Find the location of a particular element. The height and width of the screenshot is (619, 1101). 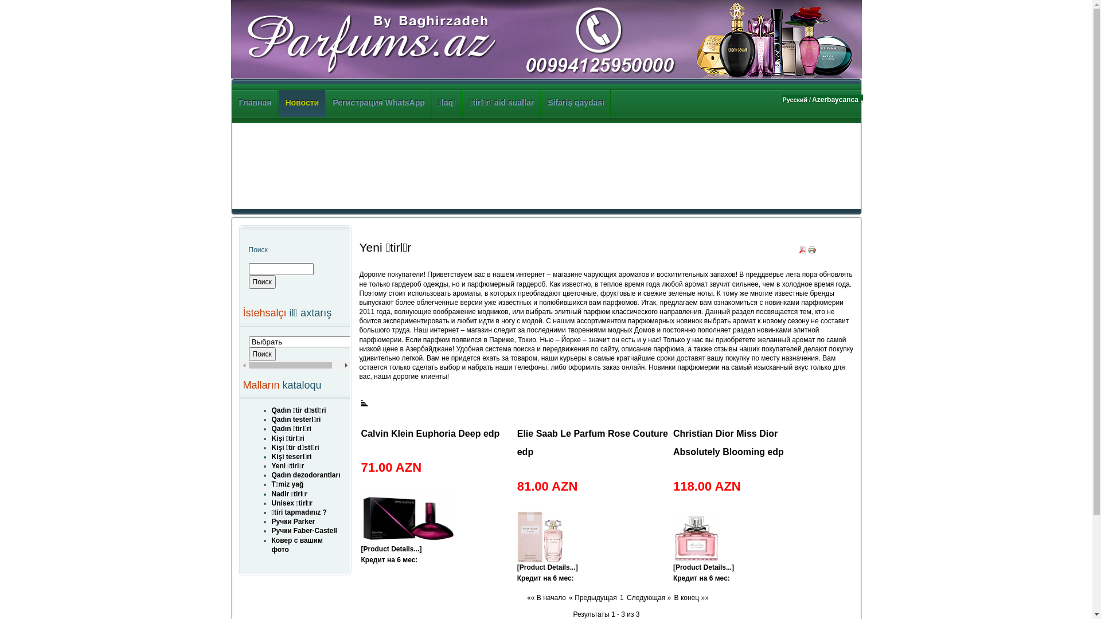

'[Product Details...]' is located at coordinates (517, 567).